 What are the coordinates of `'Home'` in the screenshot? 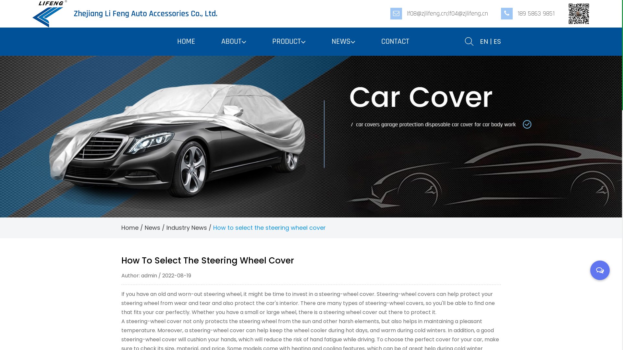 It's located at (130, 227).